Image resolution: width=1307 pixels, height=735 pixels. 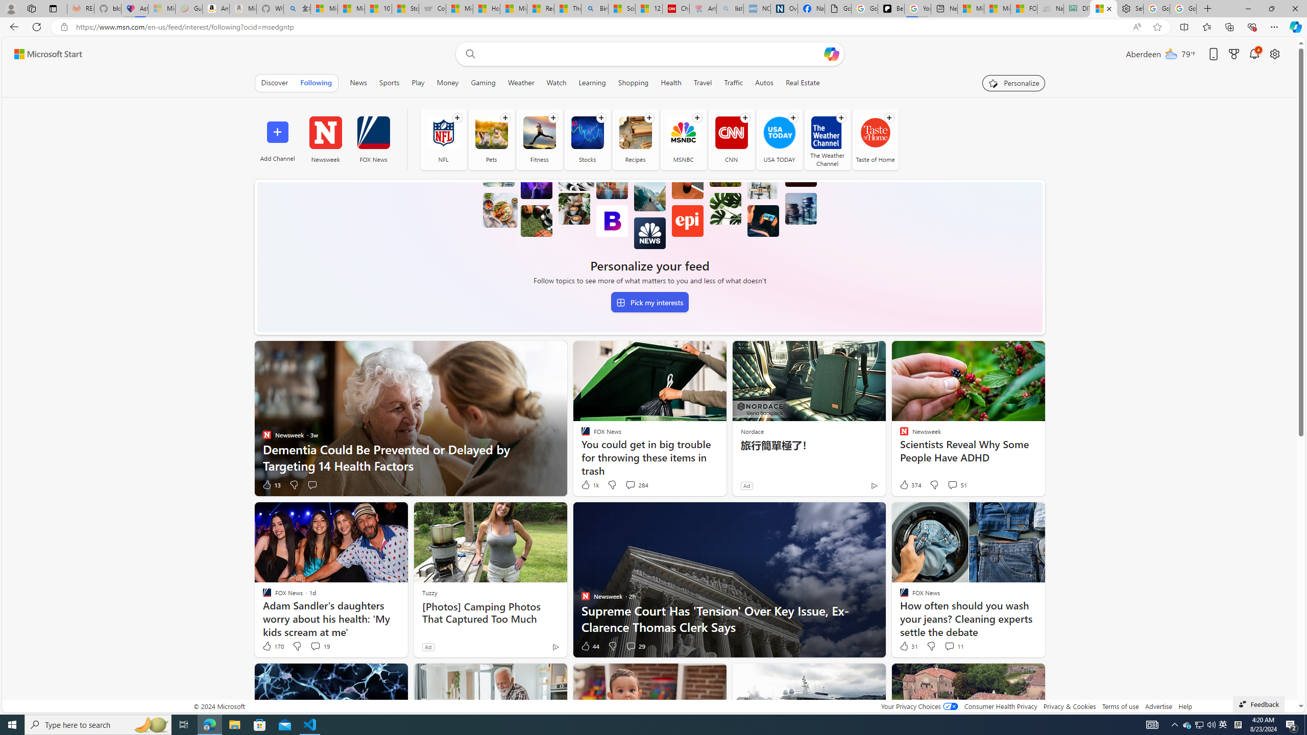 I want to click on 'Tuzzy', so click(x=429, y=592).